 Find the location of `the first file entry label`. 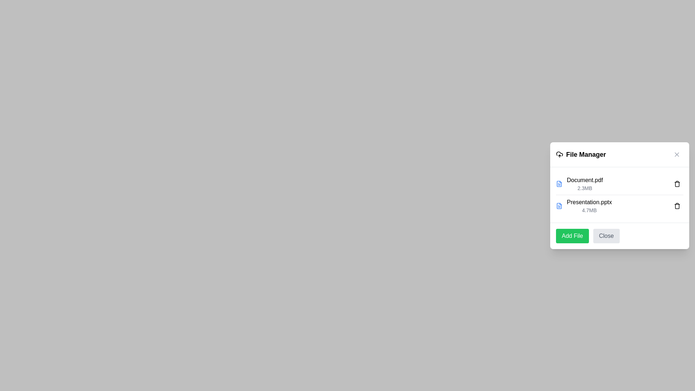

the first file entry label is located at coordinates (585, 183).